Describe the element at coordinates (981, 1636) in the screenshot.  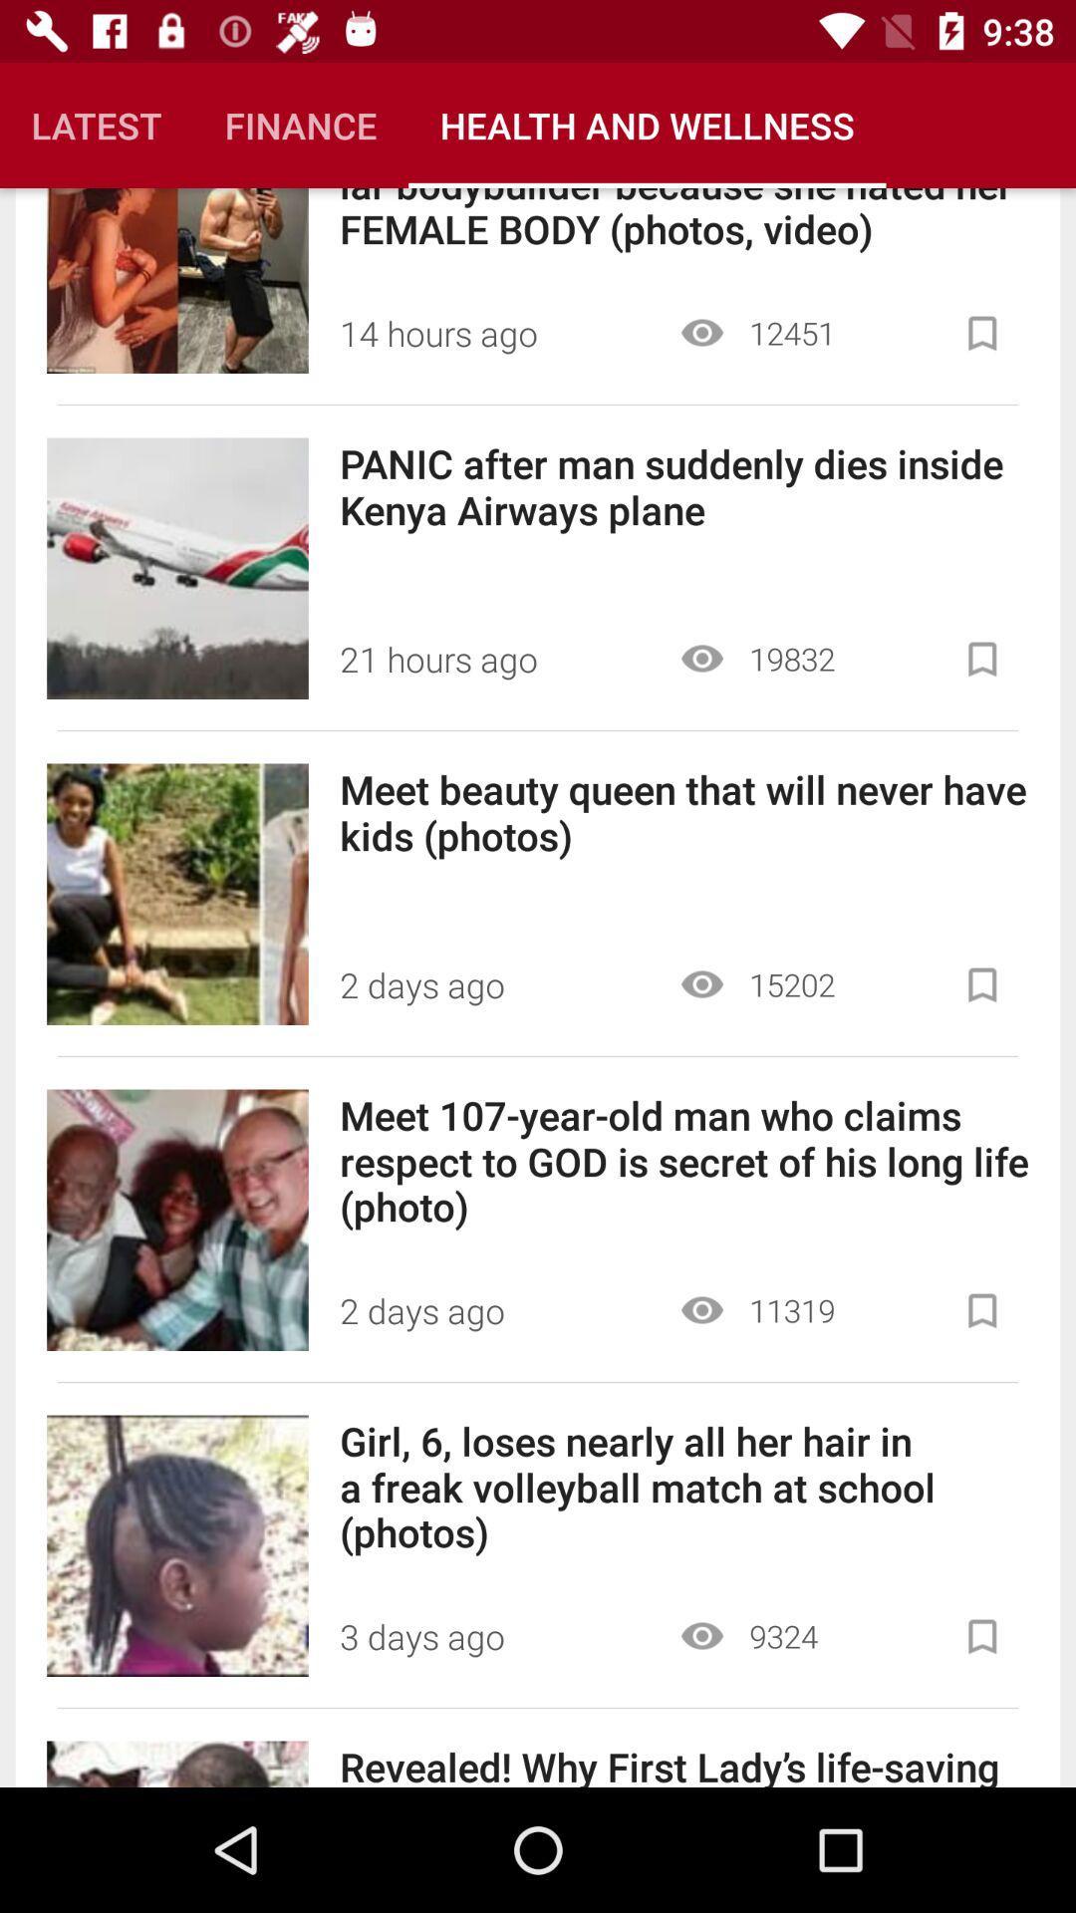
I see `flag option` at that location.